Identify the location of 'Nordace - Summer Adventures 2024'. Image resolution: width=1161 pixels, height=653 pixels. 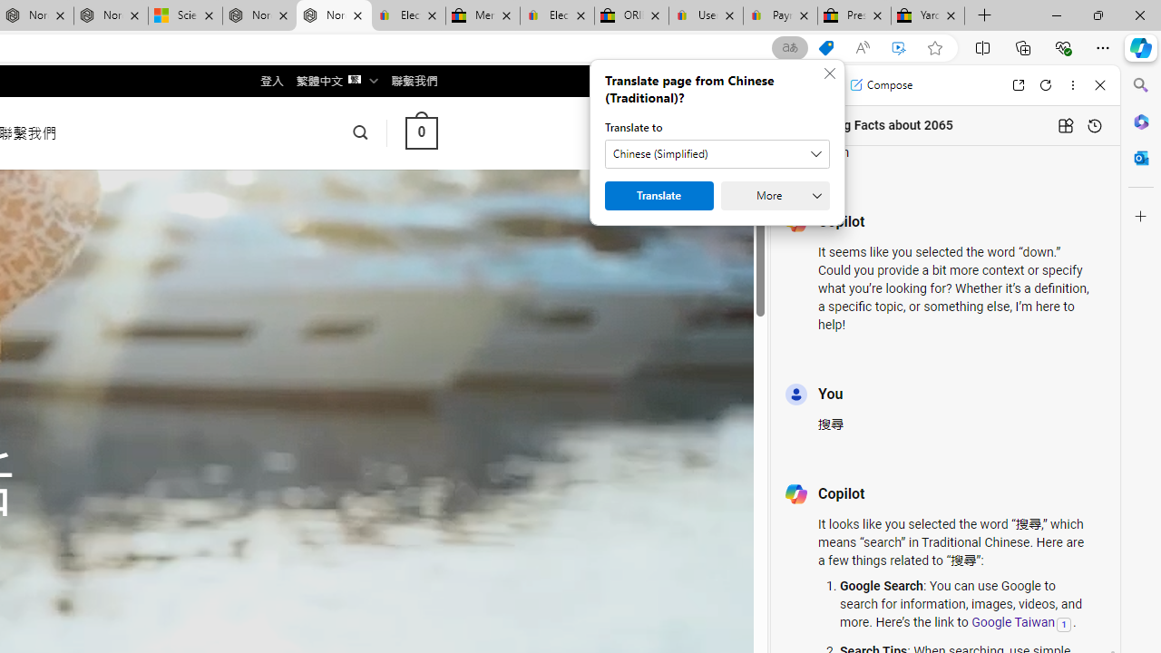
(259, 15).